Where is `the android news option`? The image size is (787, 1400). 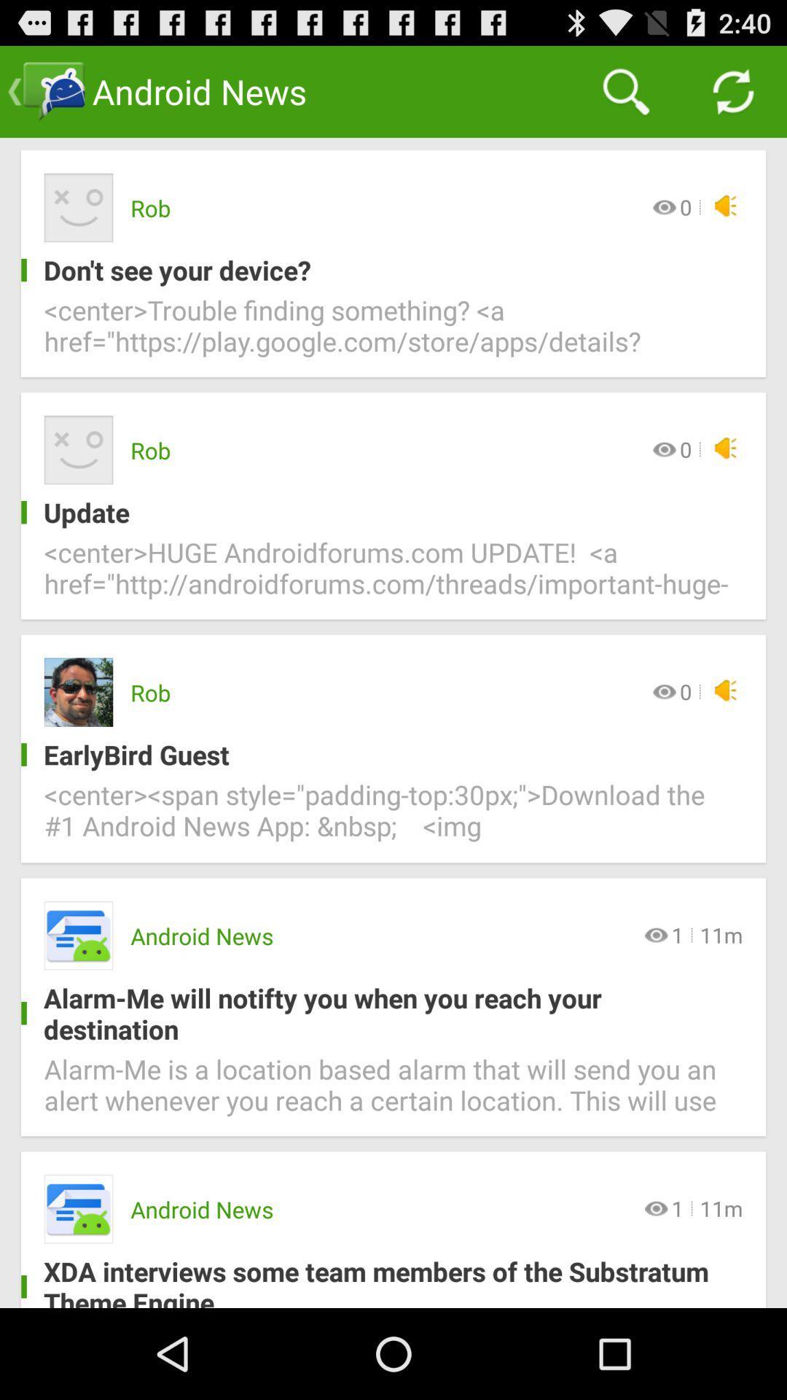
the android news option is located at coordinates (79, 936).